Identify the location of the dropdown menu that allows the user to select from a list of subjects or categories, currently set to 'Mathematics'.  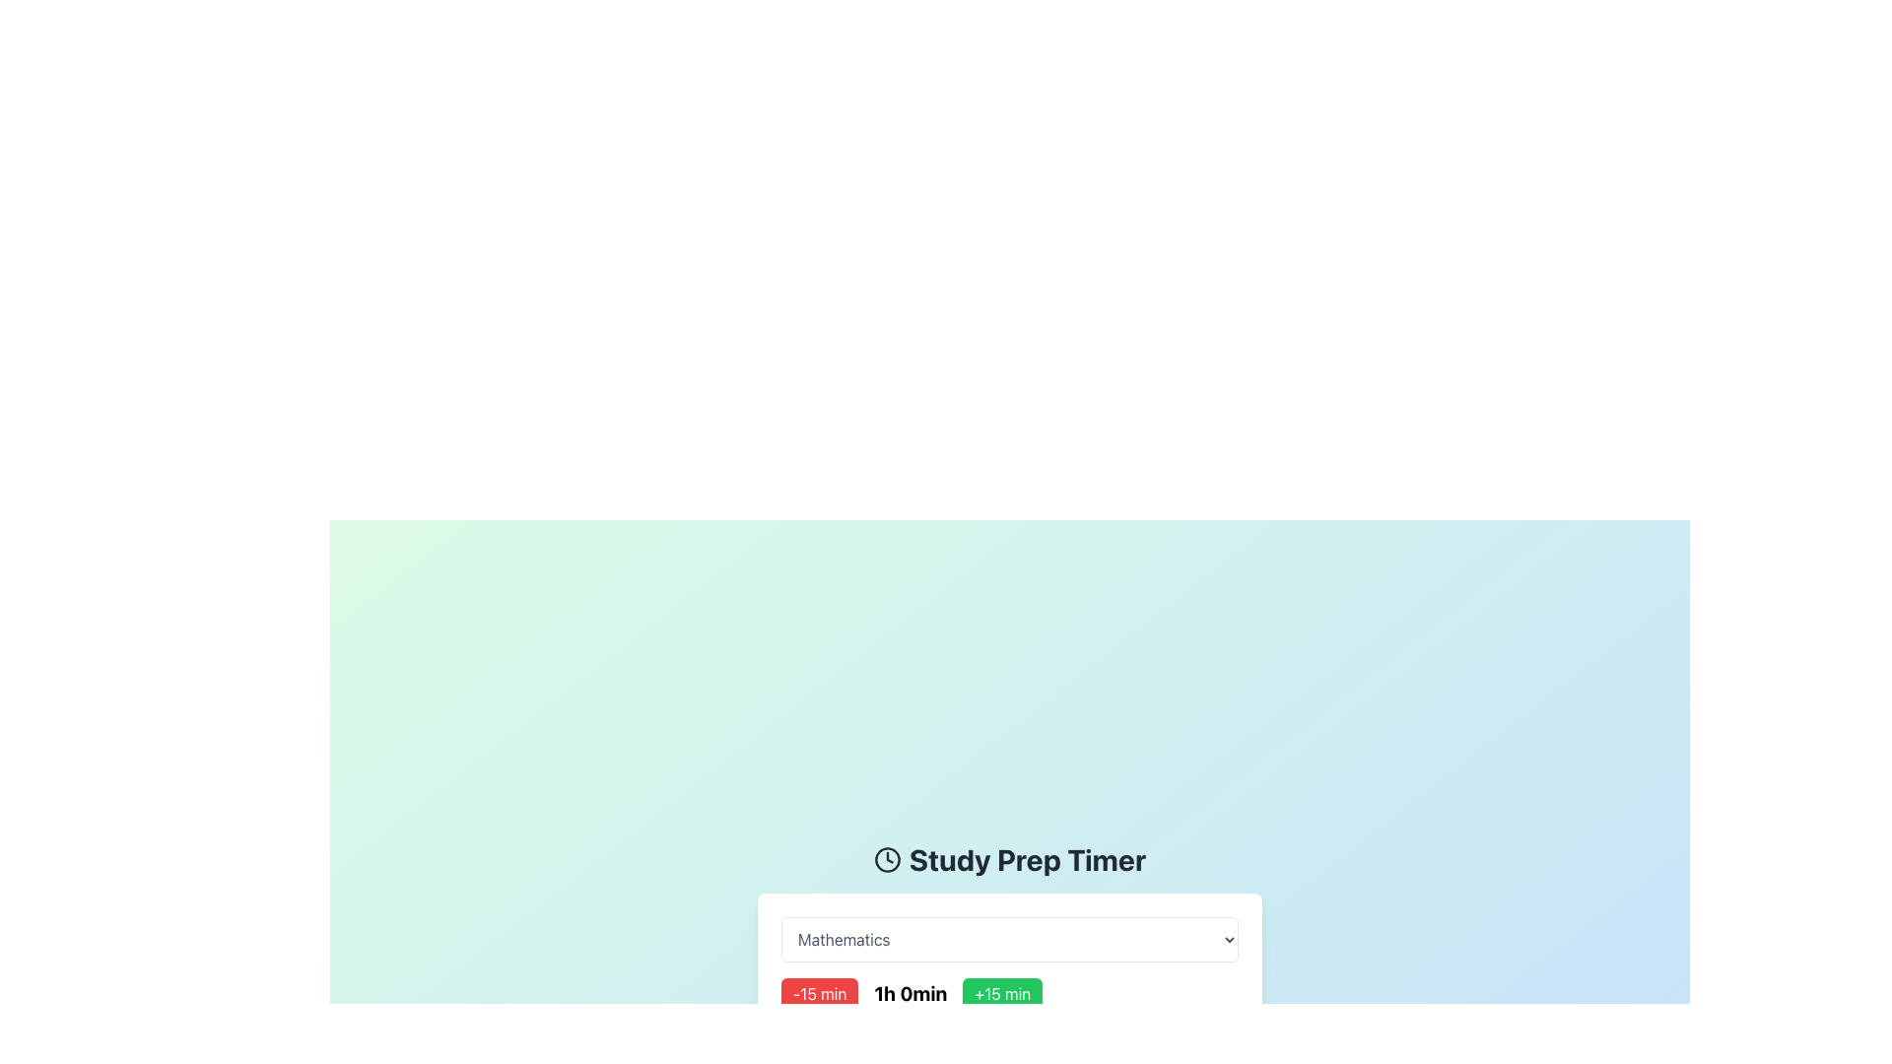
(1010, 938).